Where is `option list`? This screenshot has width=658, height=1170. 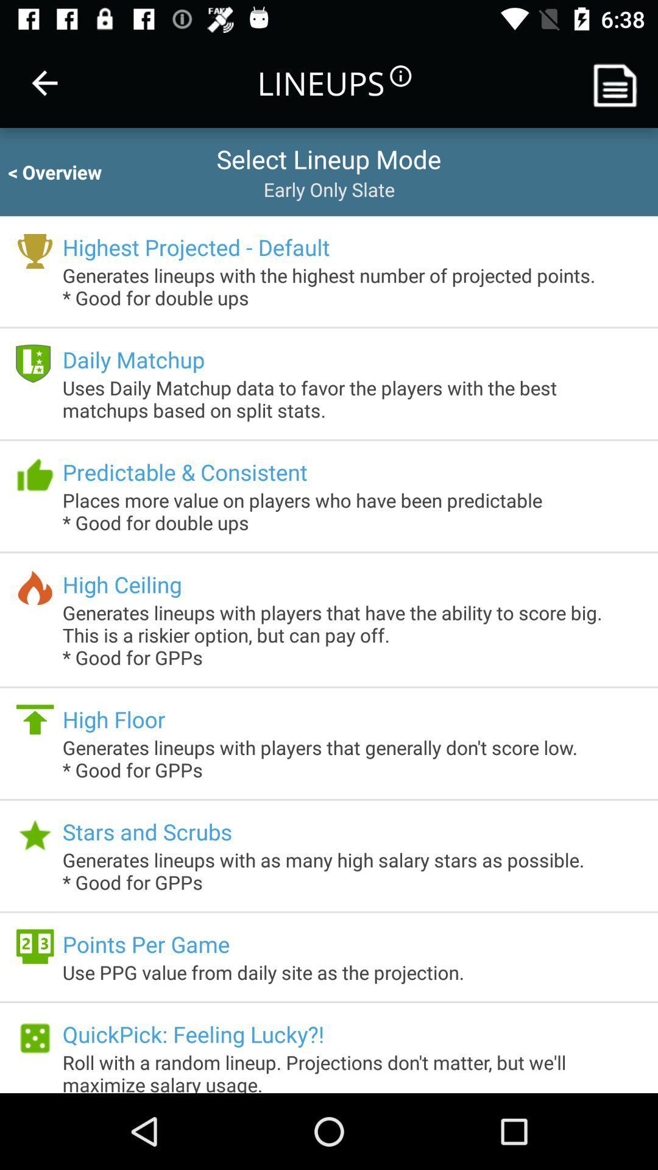 option list is located at coordinates (620, 82).